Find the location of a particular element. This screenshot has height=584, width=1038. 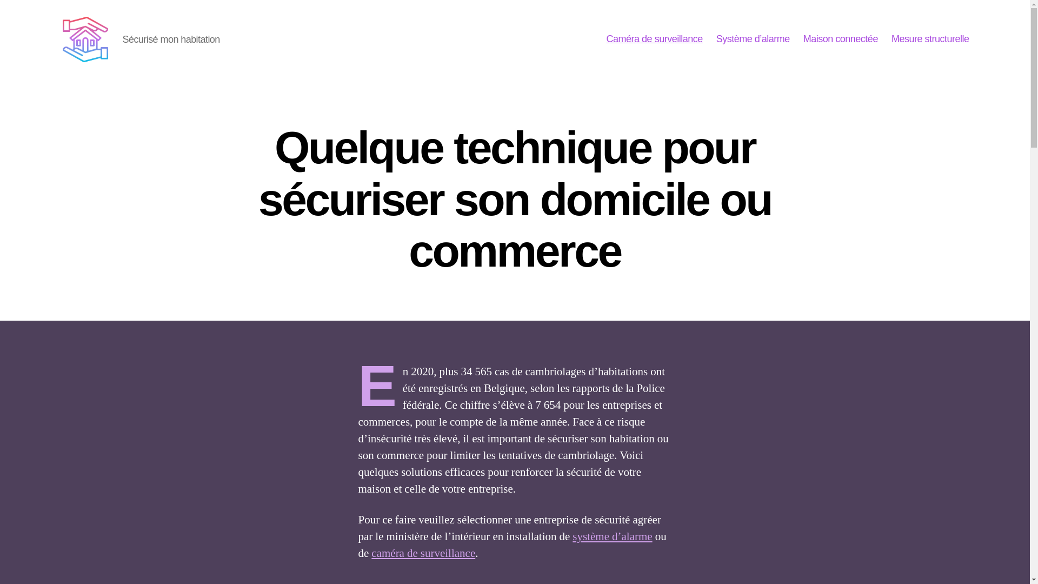

'Mesure structurelle' is located at coordinates (930, 39).